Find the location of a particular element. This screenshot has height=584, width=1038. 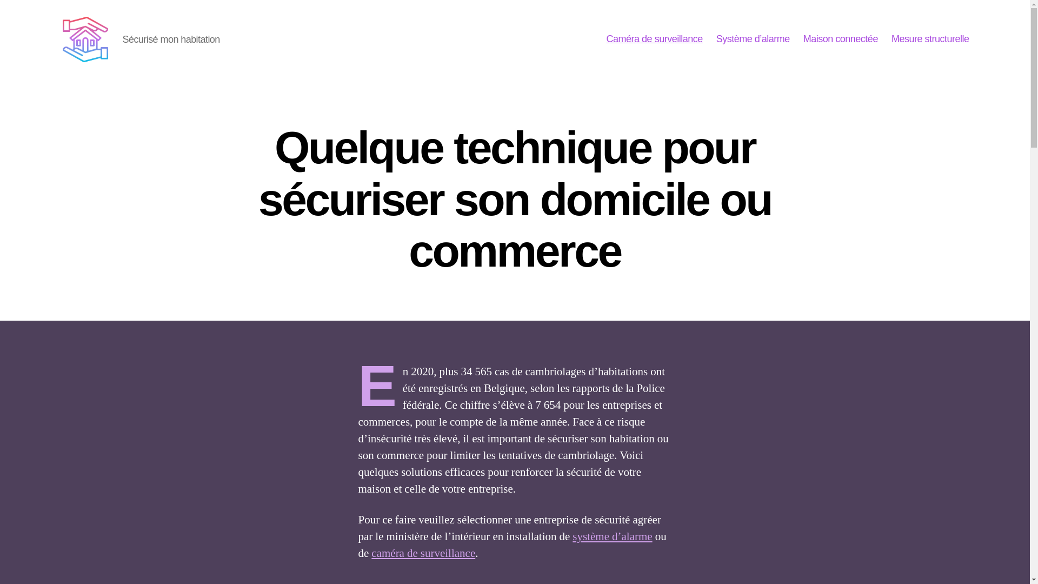

'Mesure structurelle' is located at coordinates (930, 39).